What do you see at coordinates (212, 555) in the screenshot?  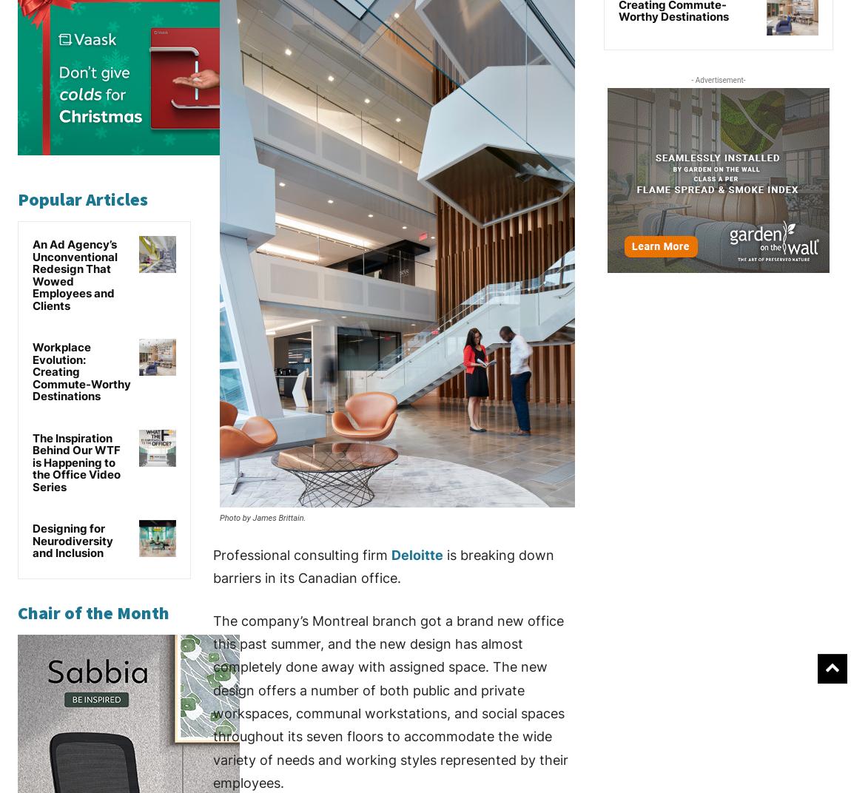 I see `'Professional consulting firm'` at bounding box center [212, 555].